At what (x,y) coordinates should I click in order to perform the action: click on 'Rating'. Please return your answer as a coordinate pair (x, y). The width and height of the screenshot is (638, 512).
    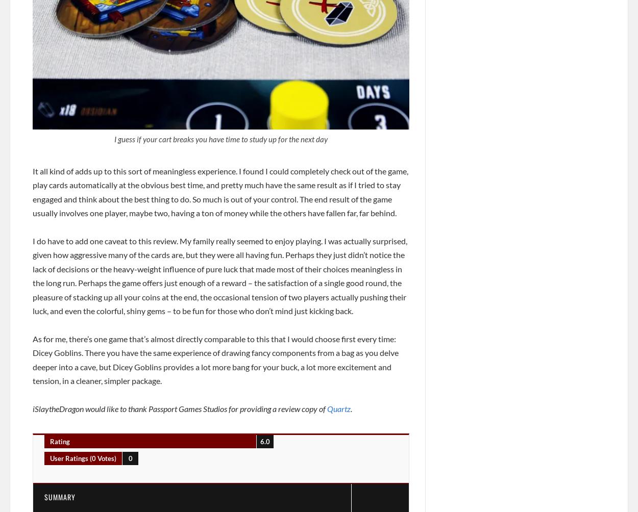
    Looking at the image, I should click on (59, 441).